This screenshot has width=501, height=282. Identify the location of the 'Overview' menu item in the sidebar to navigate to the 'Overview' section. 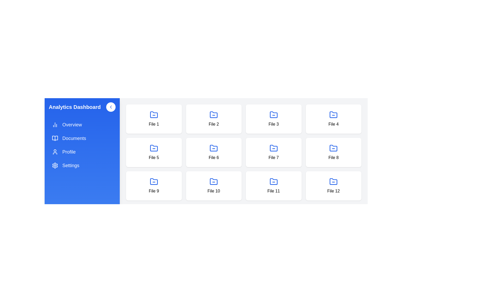
(82, 125).